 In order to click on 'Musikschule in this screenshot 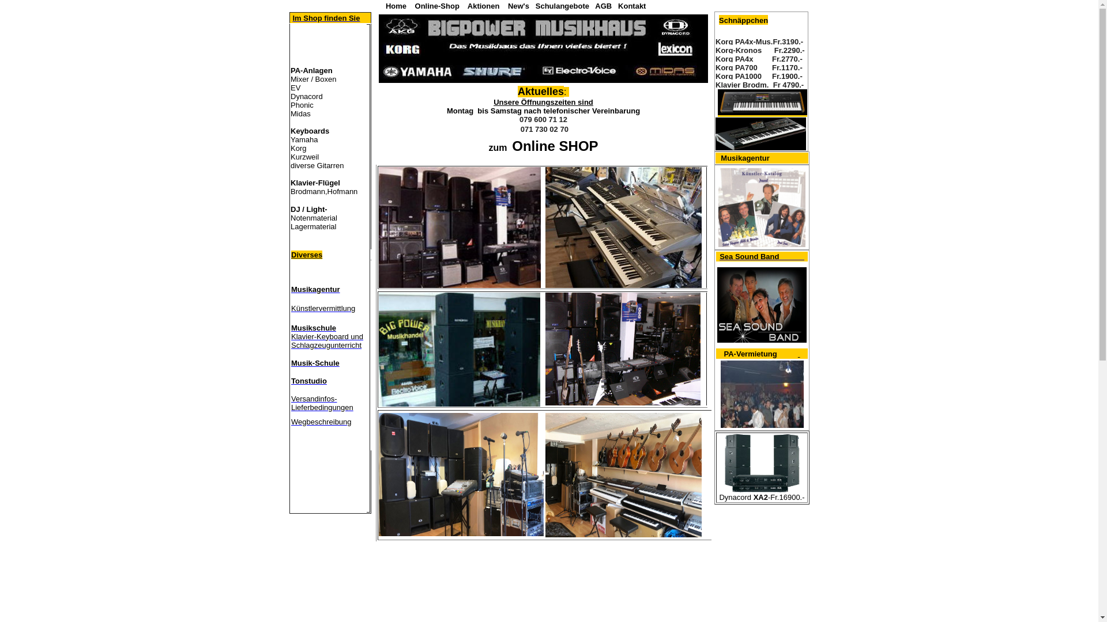, I will do `click(326, 336)`.